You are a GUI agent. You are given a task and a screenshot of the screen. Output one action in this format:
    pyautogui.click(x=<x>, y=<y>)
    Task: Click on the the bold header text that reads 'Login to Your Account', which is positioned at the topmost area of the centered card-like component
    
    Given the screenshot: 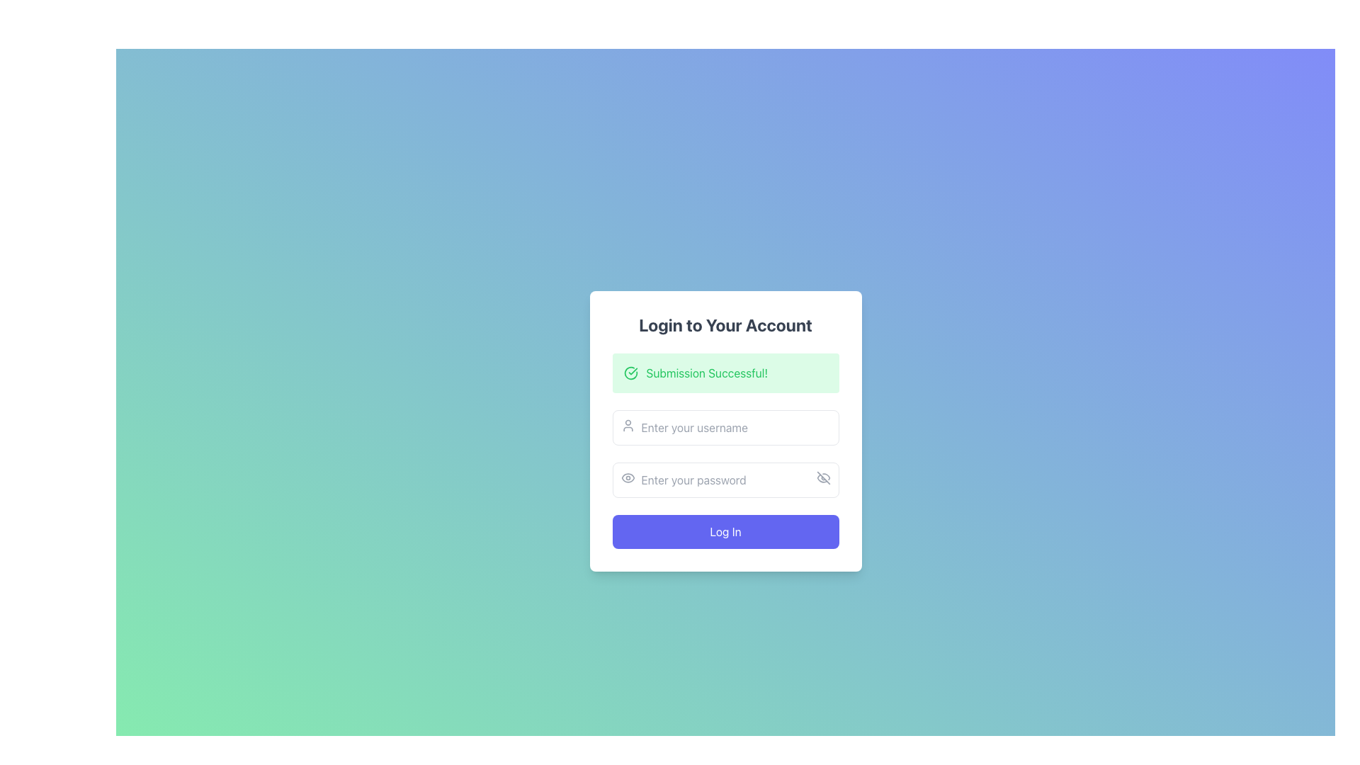 What is the action you would take?
    pyautogui.click(x=725, y=325)
    